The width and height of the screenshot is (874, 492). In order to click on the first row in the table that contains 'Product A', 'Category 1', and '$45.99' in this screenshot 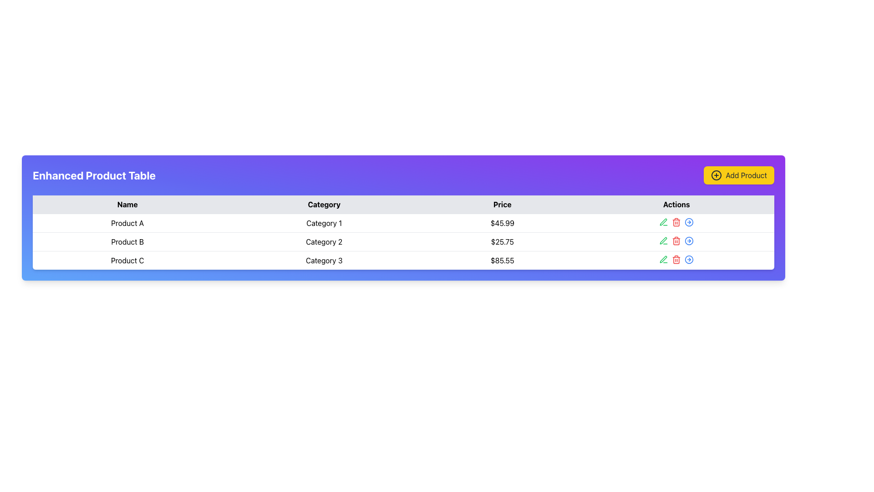, I will do `click(403, 223)`.